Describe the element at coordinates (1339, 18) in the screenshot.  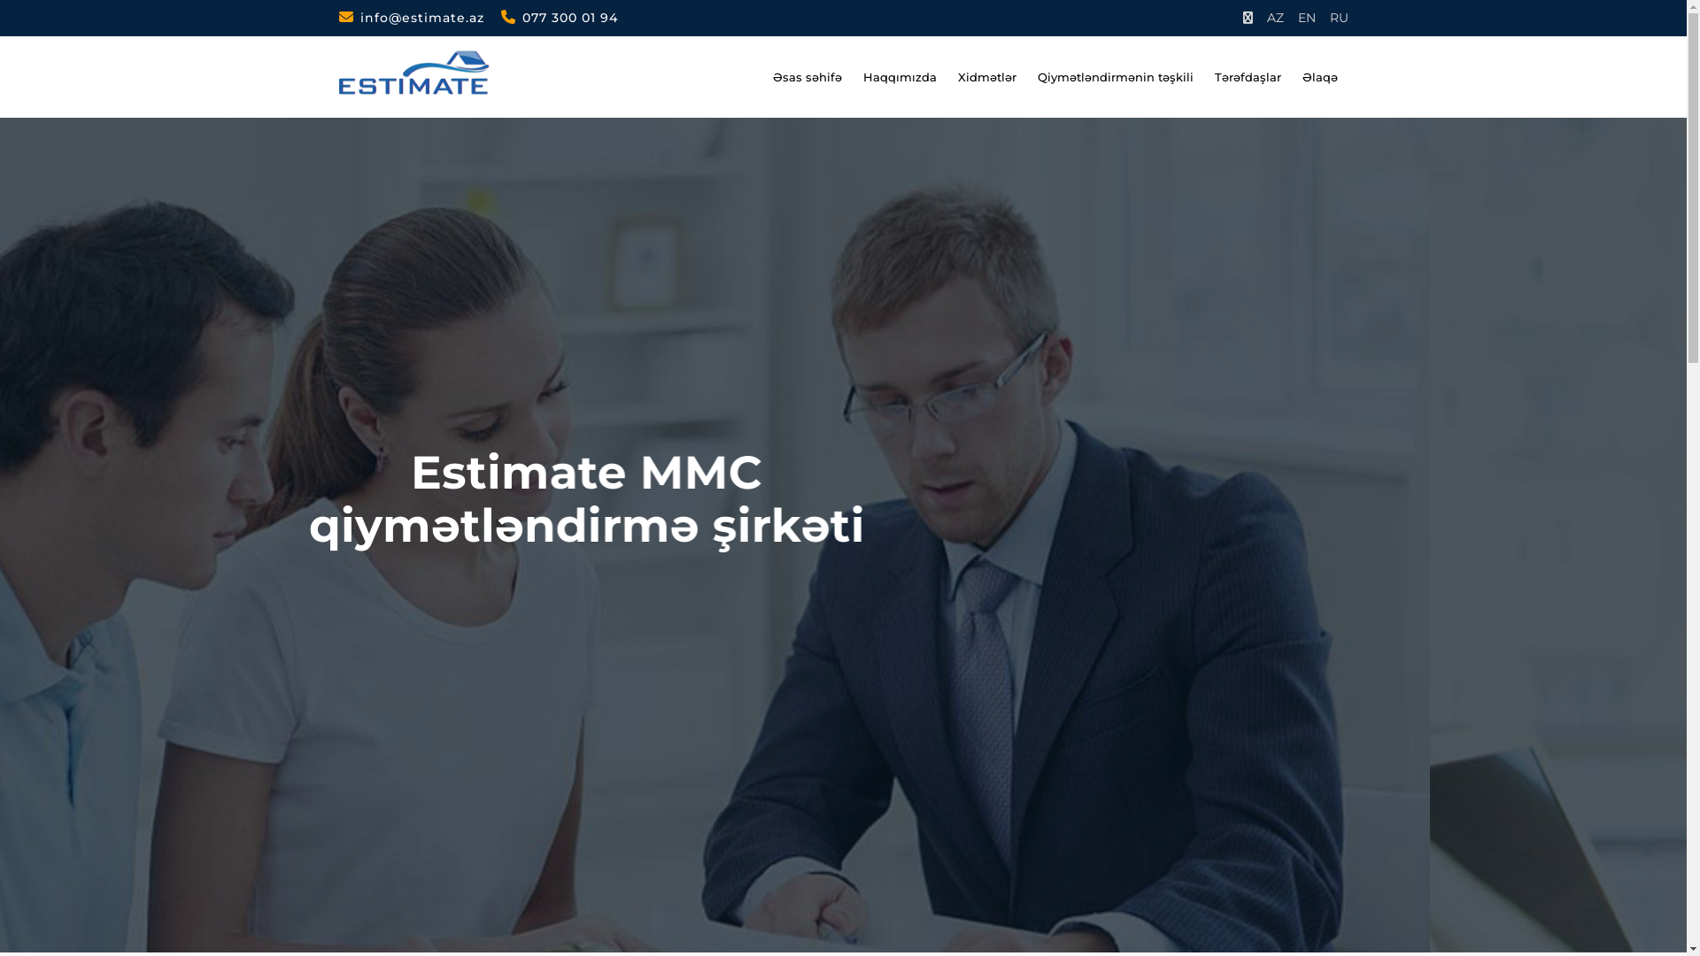
I see `'RU'` at that location.